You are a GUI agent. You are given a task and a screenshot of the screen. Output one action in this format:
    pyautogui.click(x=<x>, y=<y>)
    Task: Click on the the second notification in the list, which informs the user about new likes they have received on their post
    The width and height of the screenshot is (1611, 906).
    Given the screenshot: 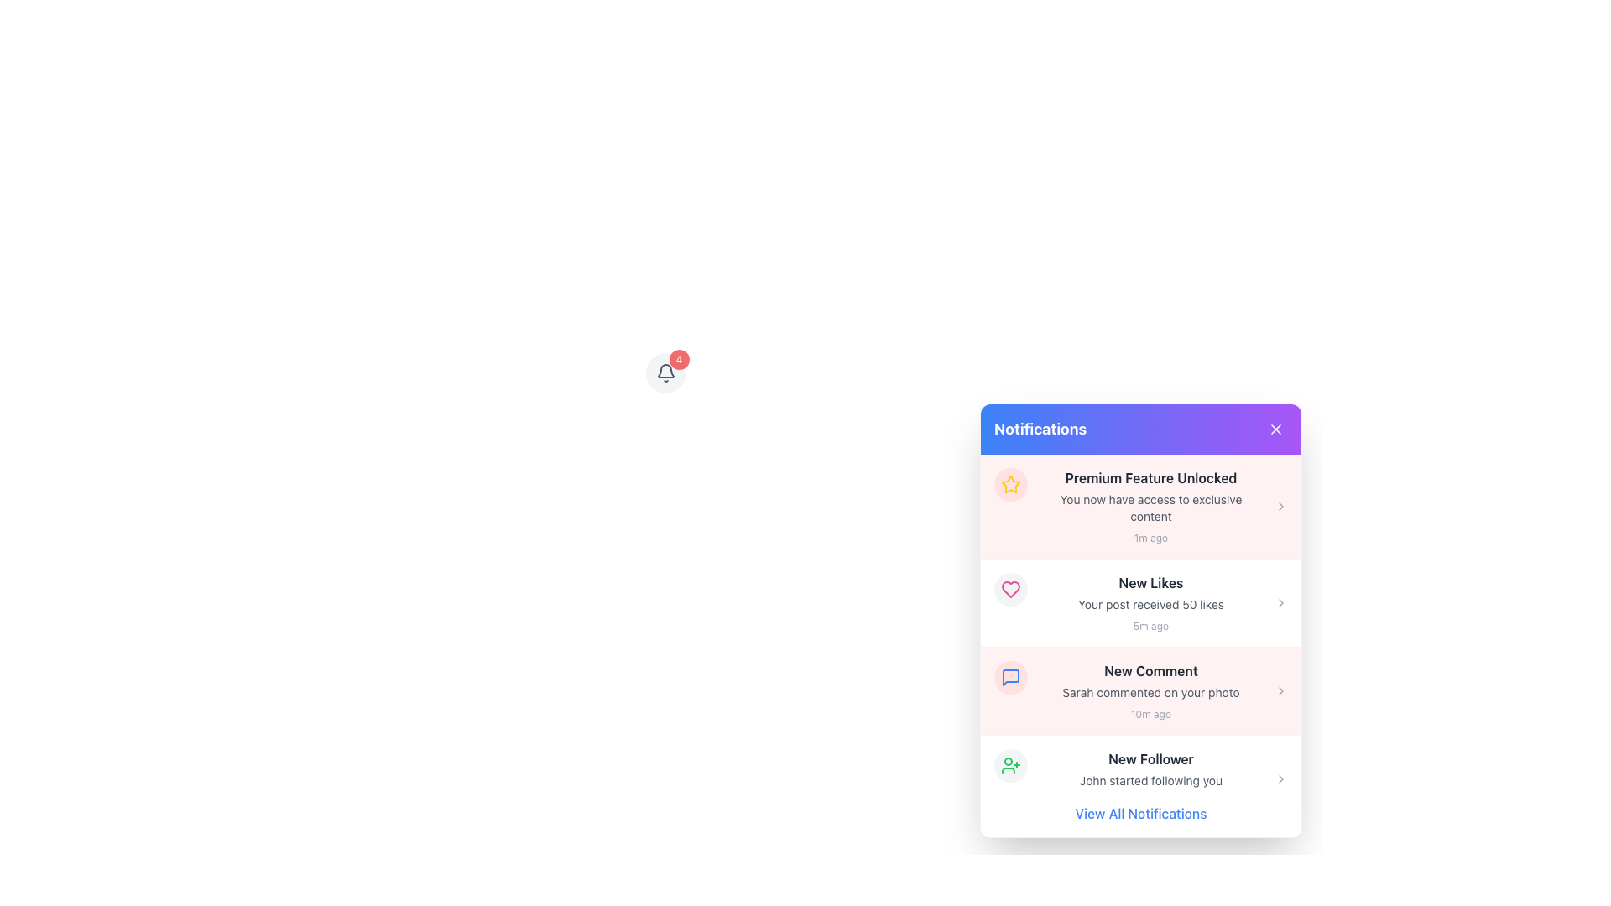 What is the action you would take?
    pyautogui.click(x=1150, y=601)
    